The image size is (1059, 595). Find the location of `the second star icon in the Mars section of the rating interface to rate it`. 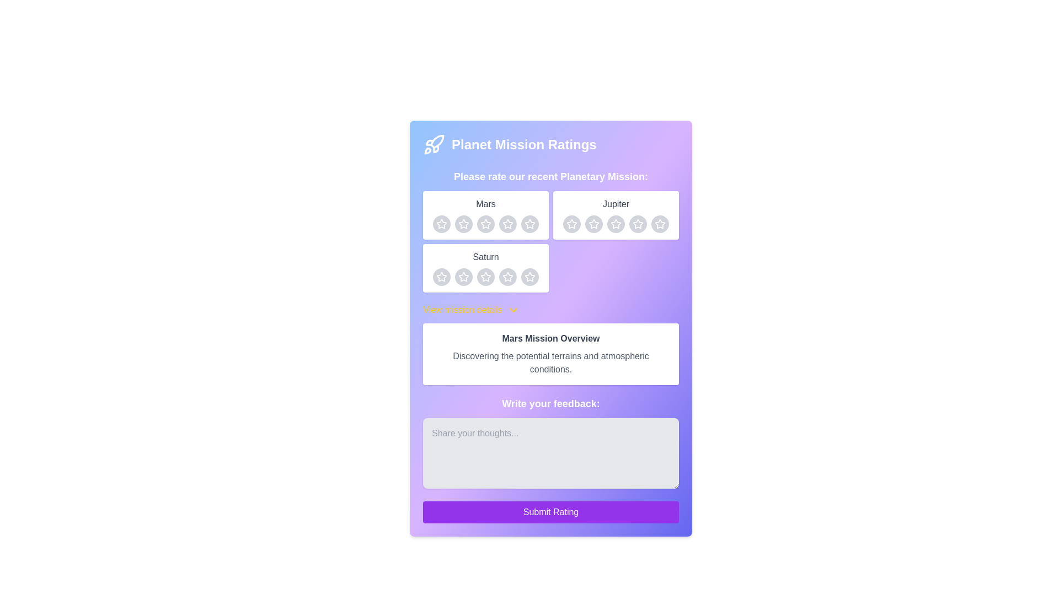

the second star icon in the Mars section of the rating interface to rate it is located at coordinates (463, 223).